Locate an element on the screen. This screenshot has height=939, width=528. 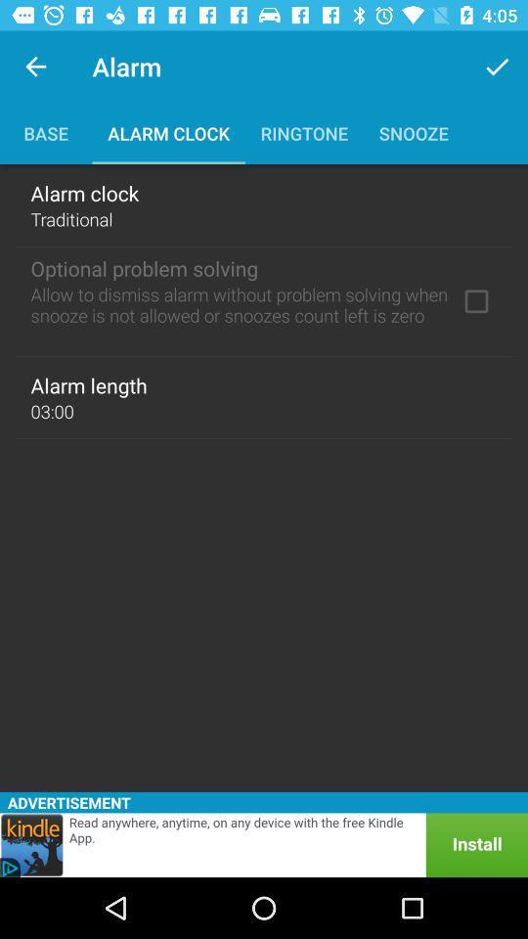
icon next to the alarm app is located at coordinates (35, 67).